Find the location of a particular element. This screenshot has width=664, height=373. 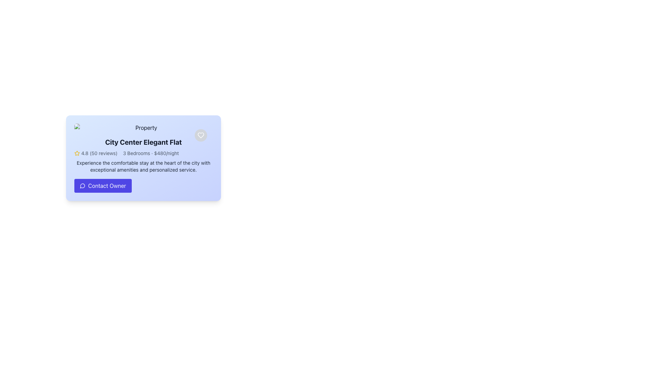

the circular speech bubble icon outlined in white, which is located to the left of the 'Contact Owner' button, positioned near the bottom of the property information card is located at coordinates (83, 185).